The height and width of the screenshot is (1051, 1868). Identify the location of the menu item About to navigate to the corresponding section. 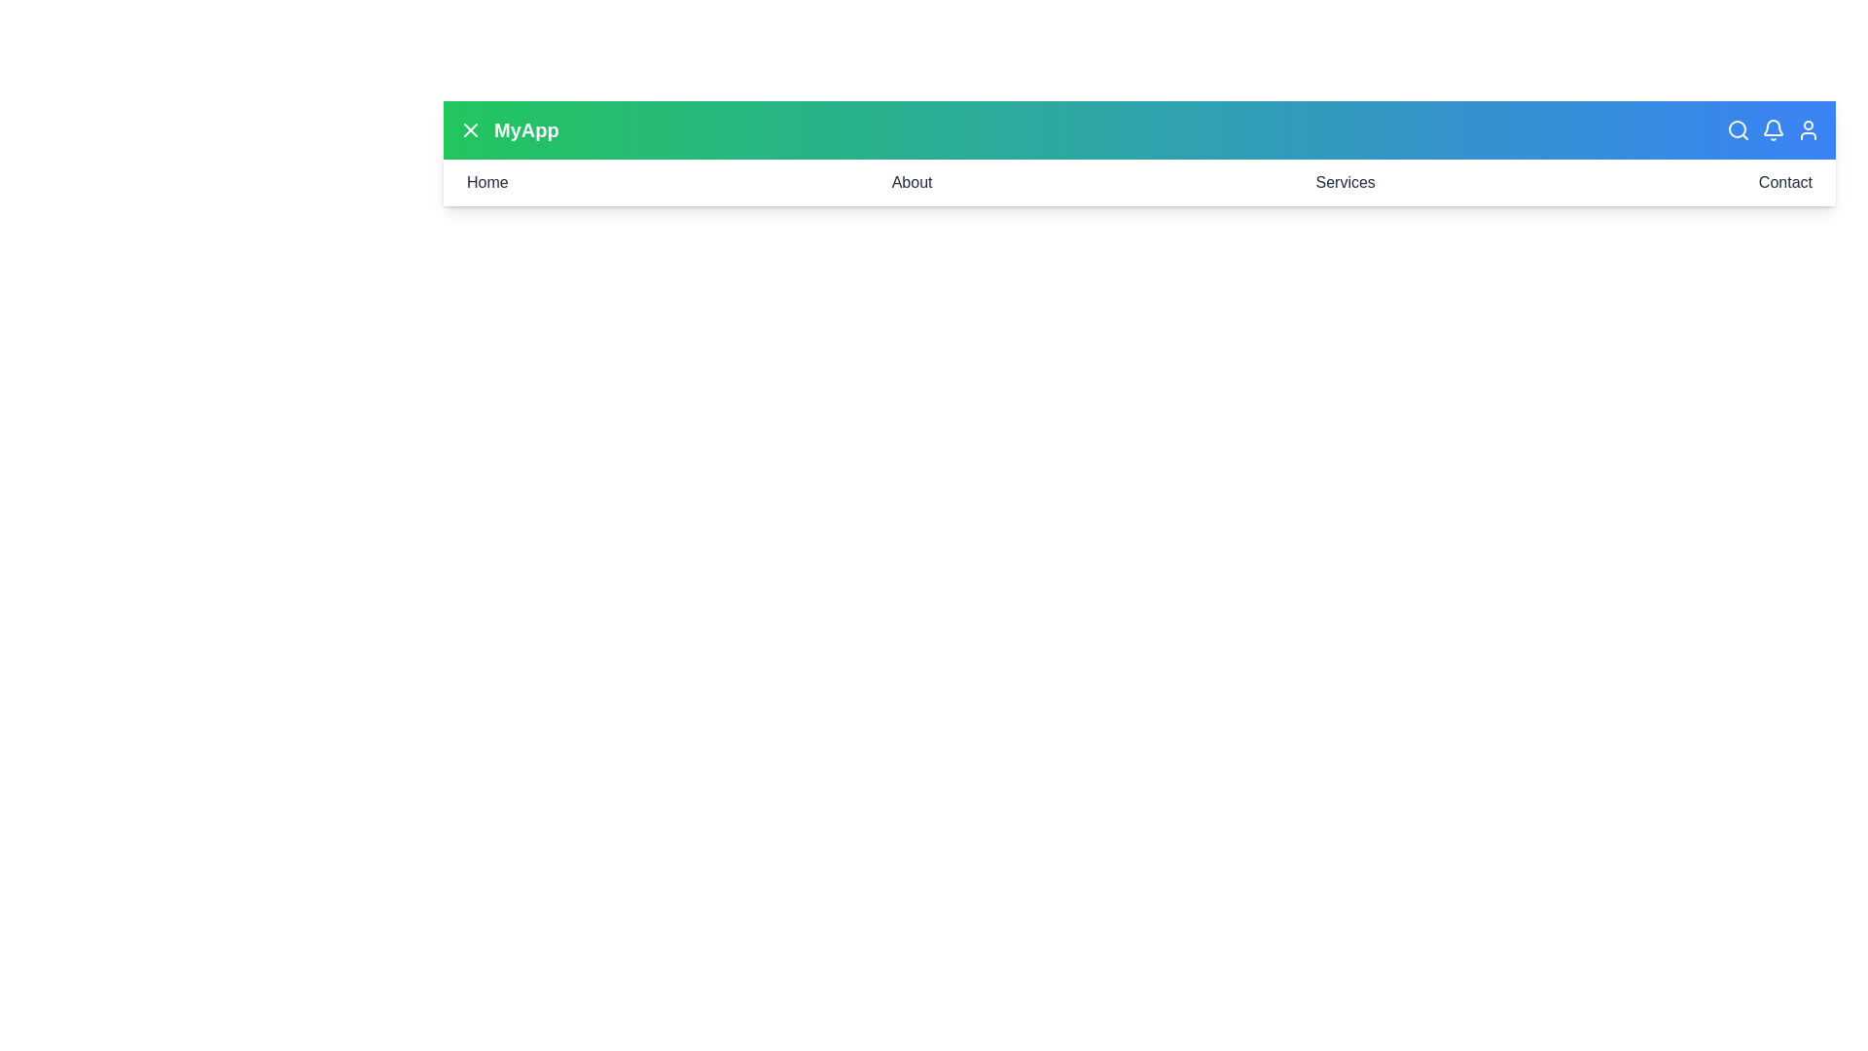
(910, 183).